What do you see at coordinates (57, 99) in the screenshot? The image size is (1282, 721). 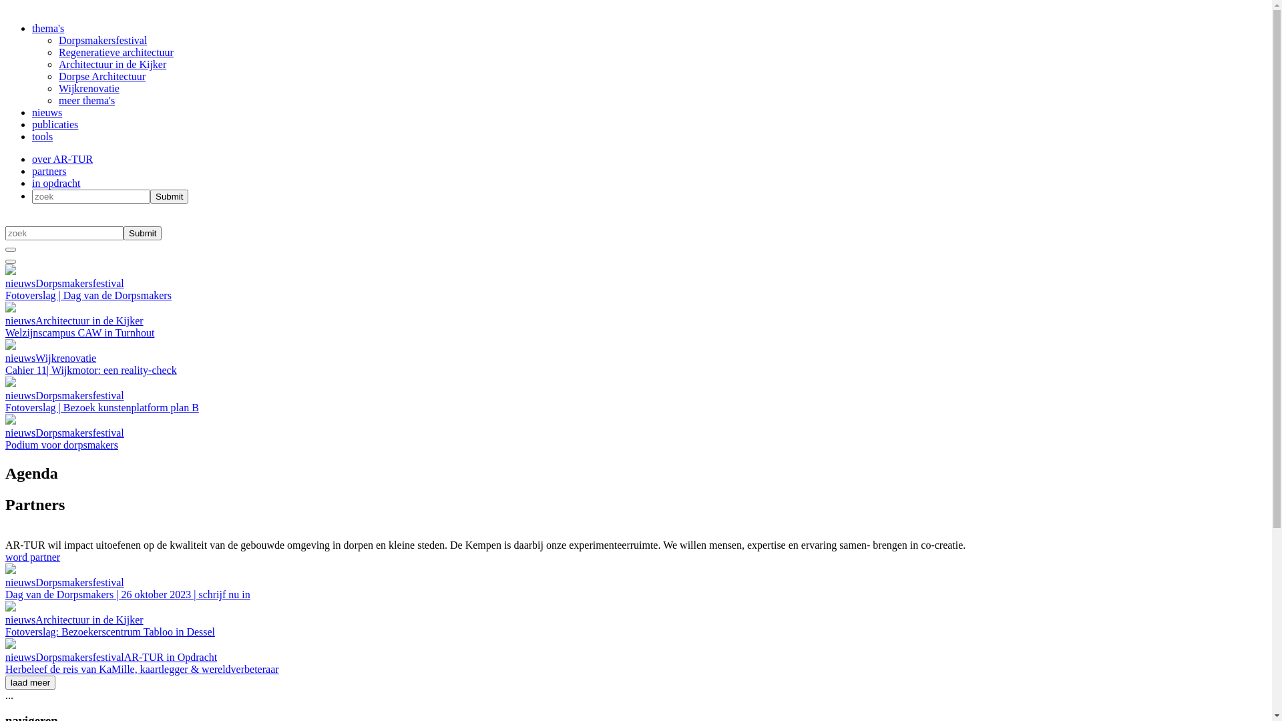 I see `'meer thema's'` at bounding box center [57, 99].